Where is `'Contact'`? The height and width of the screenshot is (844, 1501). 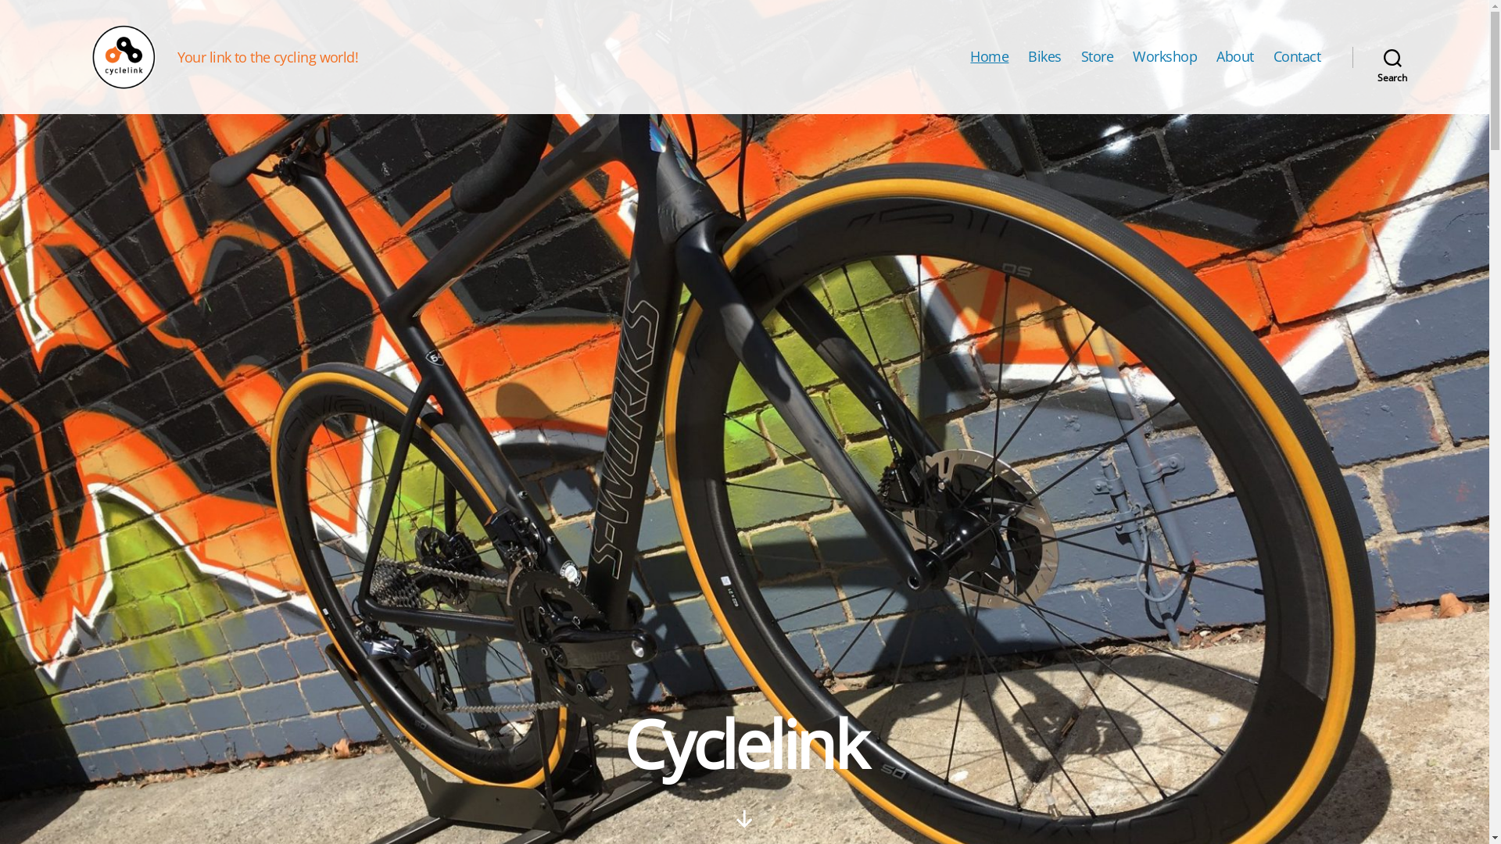
'Contact' is located at coordinates (1297, 56).